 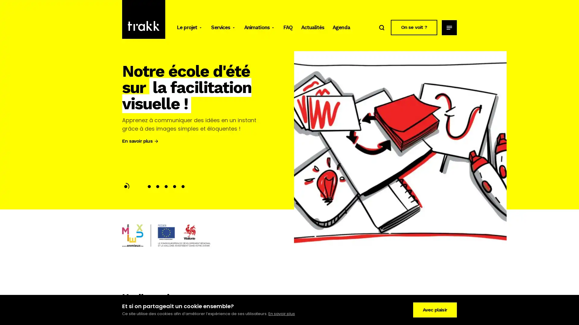 I want to click on Slide 4, so click(x=166, y=186).